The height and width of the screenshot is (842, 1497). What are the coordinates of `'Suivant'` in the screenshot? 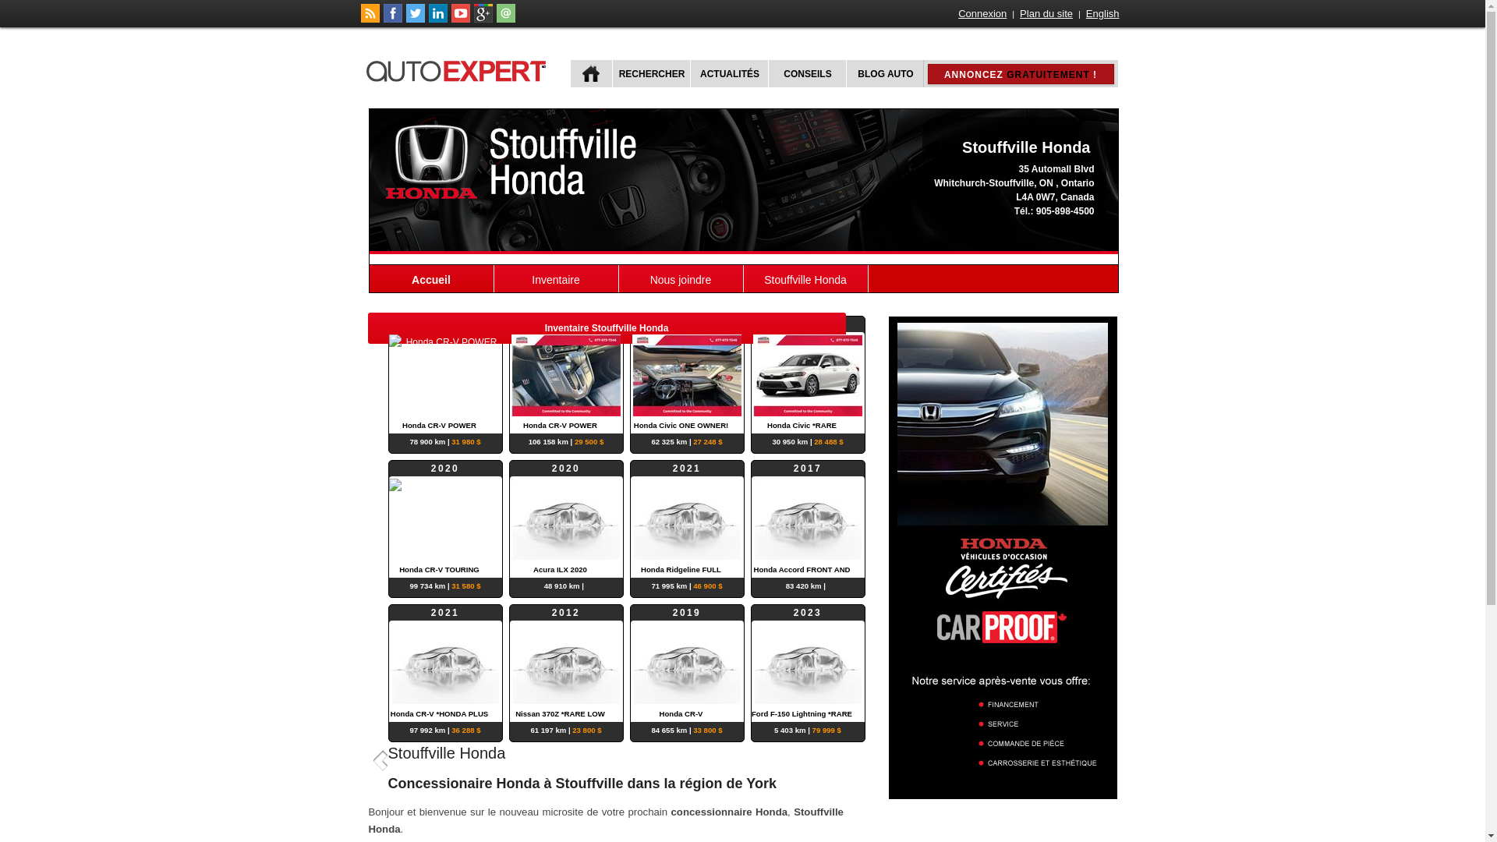 It's located at (834, 759).